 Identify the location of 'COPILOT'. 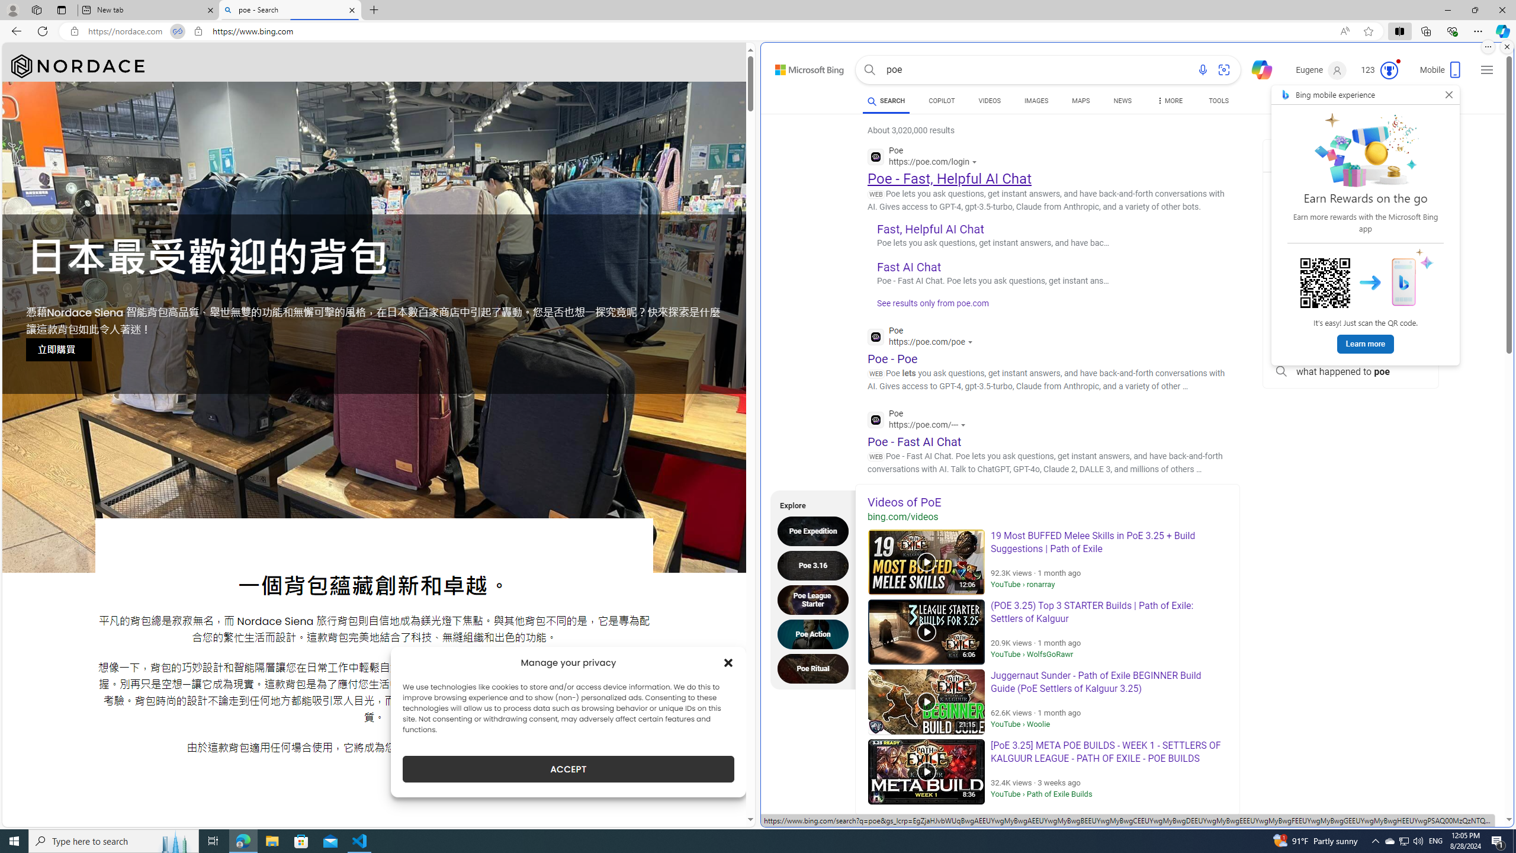
(941, 100).